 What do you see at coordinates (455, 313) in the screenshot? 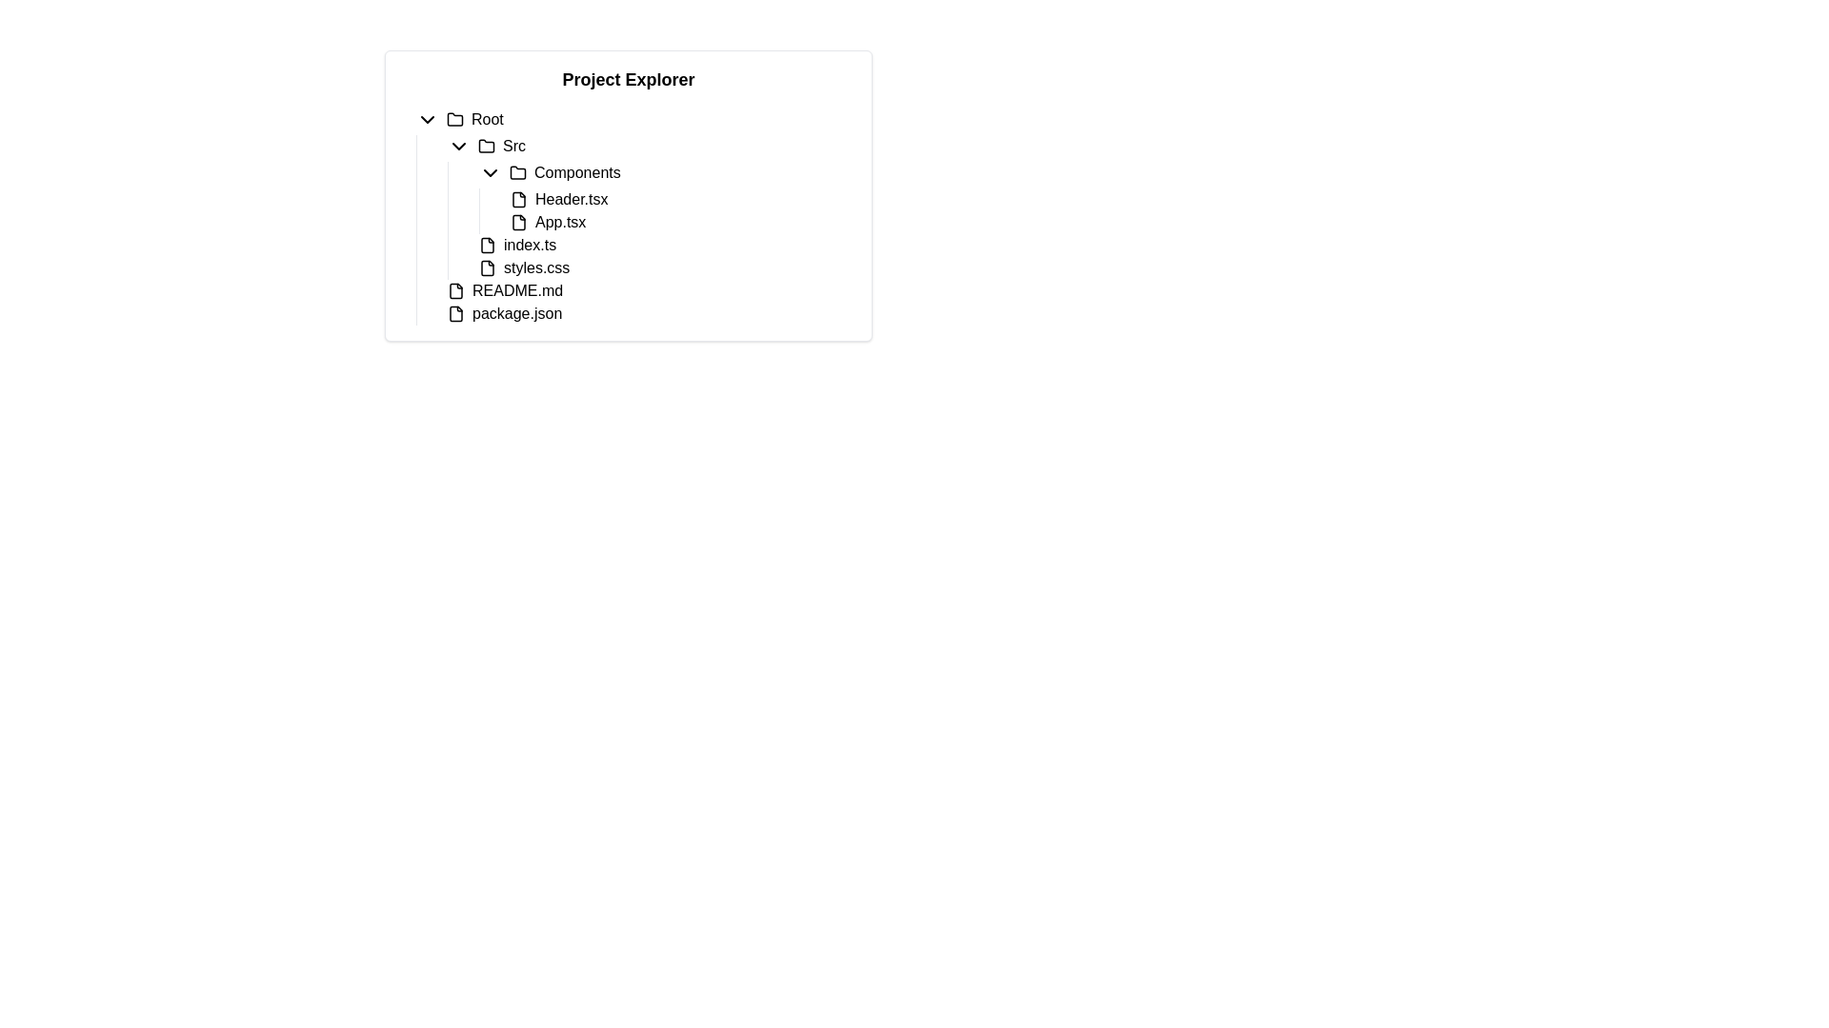
I see `the file icon representing 'package.json' in the Project Explorer section` at bounding box center [455, 313].